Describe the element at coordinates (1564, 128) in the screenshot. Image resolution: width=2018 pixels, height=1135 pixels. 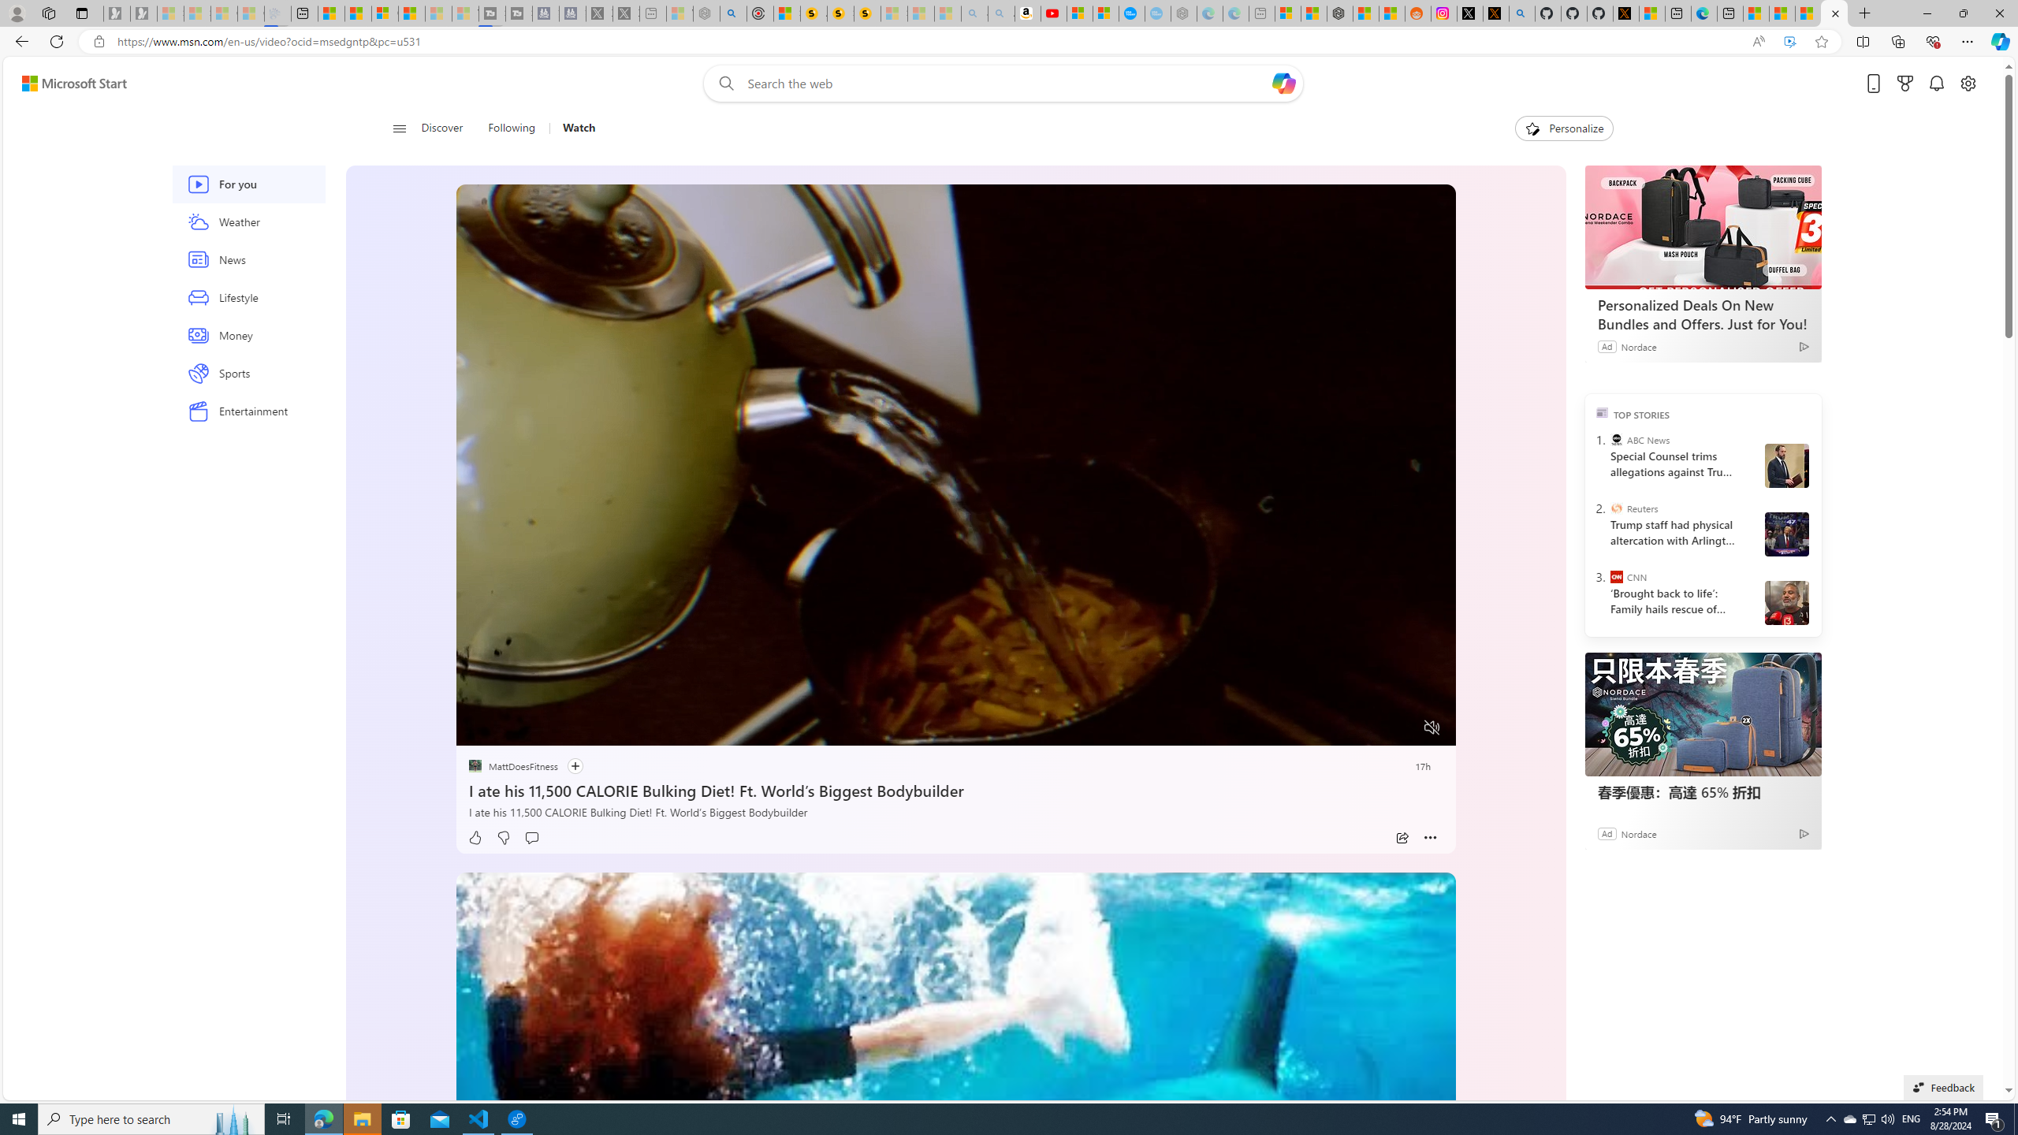
I see `'Personalize'` at that location.